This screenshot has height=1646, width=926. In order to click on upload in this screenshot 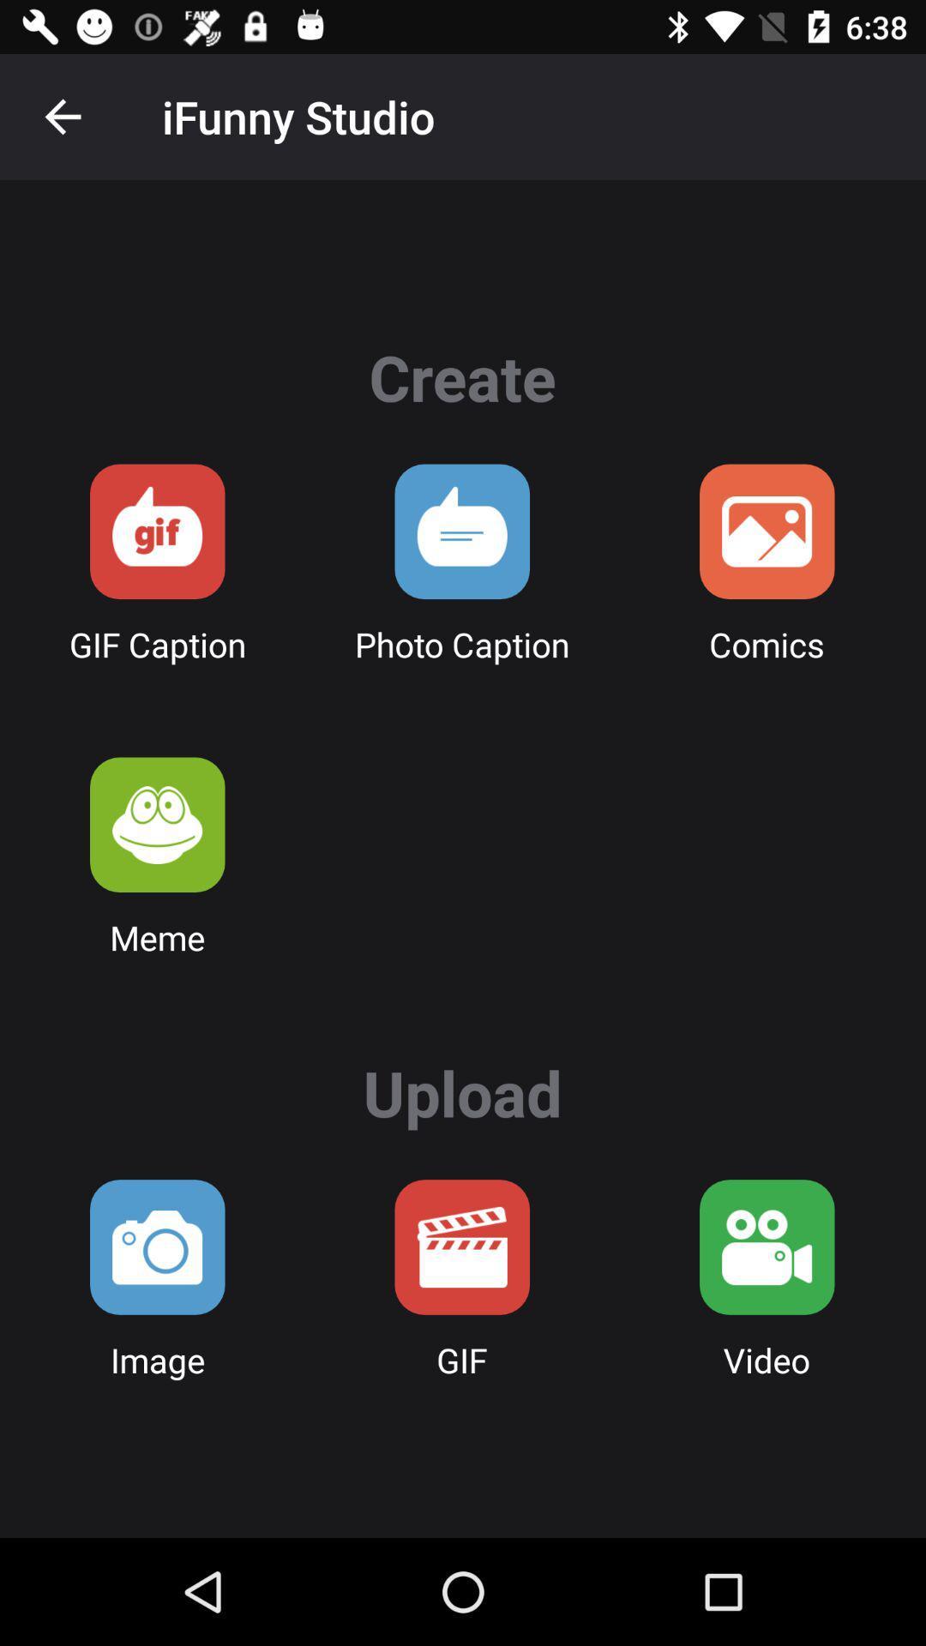, I will do `click(461, 1247)`.